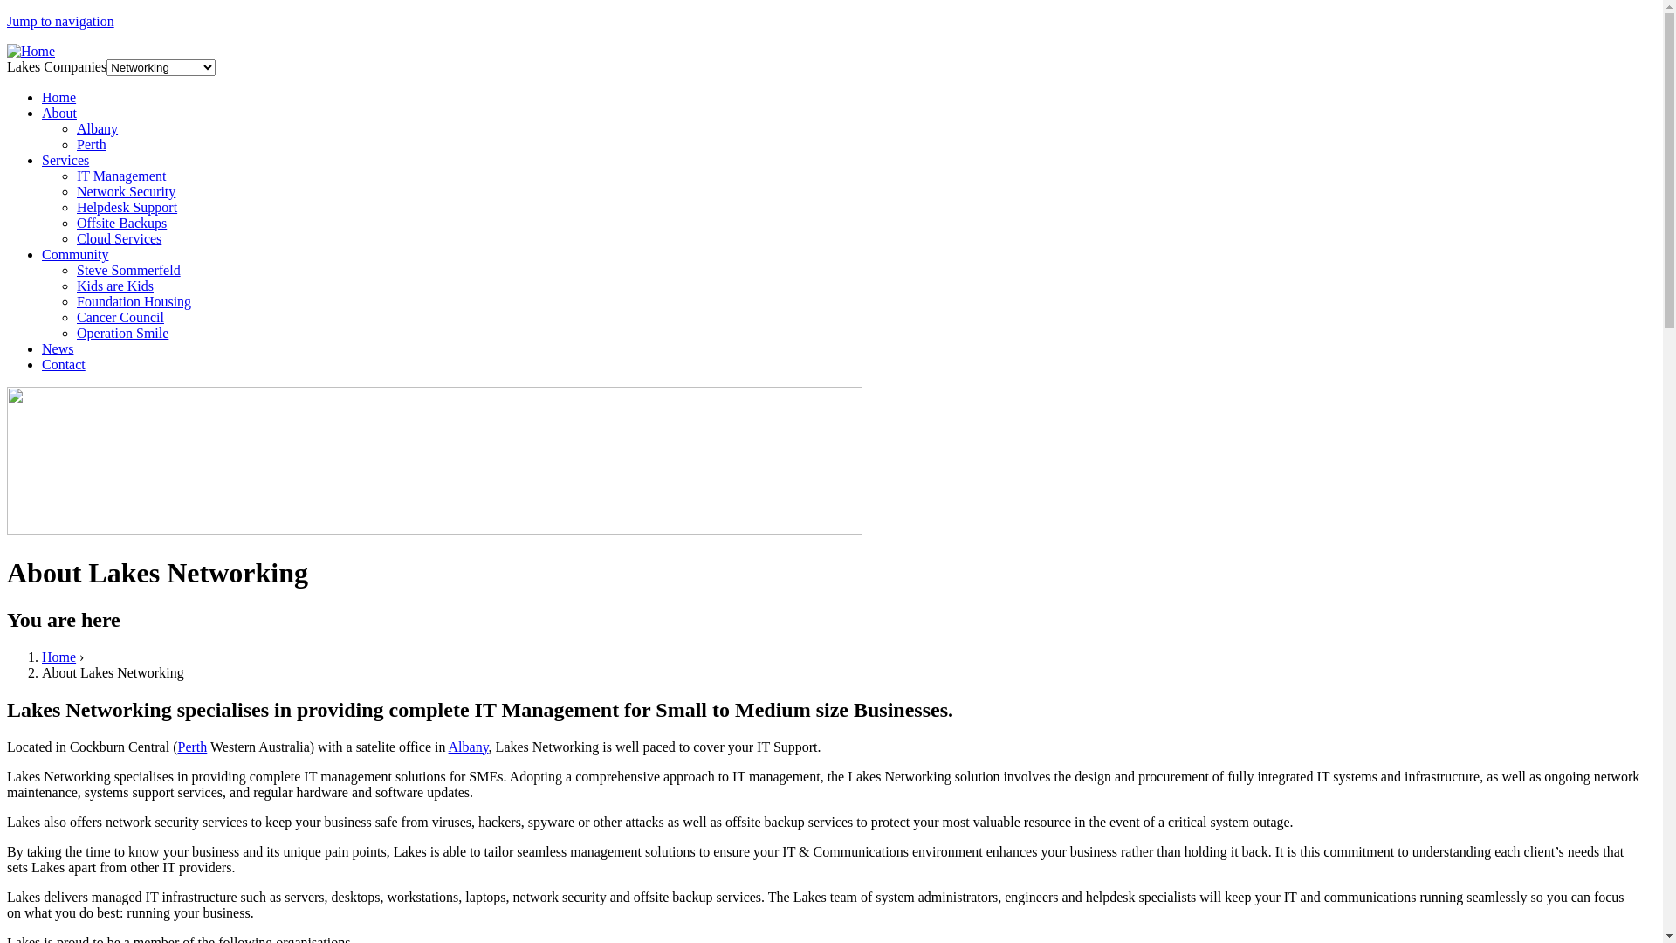 This screenshot has height=943, width=1676. What do you see at coordinates (58, 113) in the screenshot?
I see `'About'` at bounding box center [58, 113].